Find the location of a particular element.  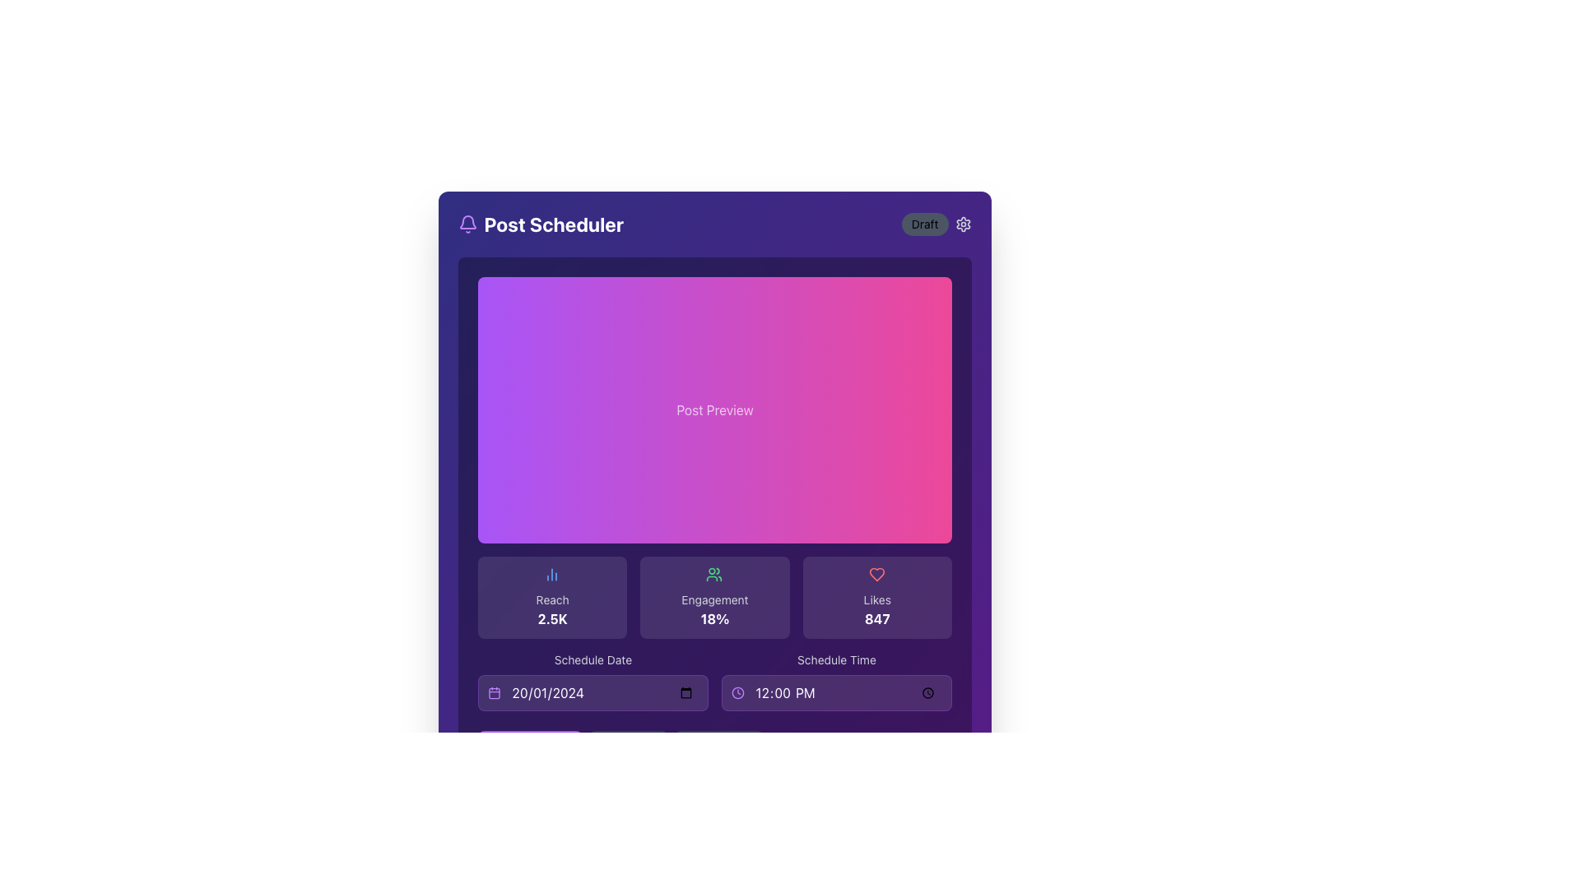

displayed information on the Informative Card showing the percentage '18%' and the label 'Engagement', which is styled with a purple gradient background and a green icon of a group of people at the top is located at coordinates (714, 597).